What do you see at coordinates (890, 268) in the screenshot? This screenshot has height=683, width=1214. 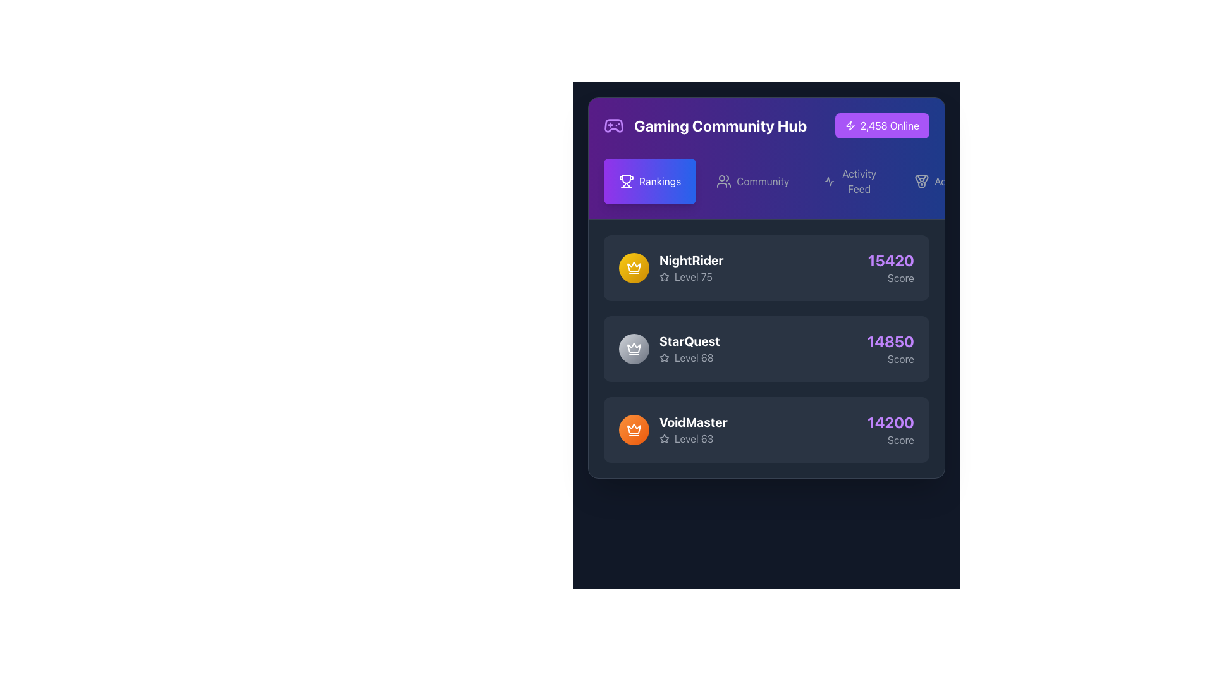 I see `the score display for the 'NightRider' entry in the leaderboard, which is located on the right side of the NightRider row and aligned horizontally with the player's name and level details` at bounding box center [890, 268].